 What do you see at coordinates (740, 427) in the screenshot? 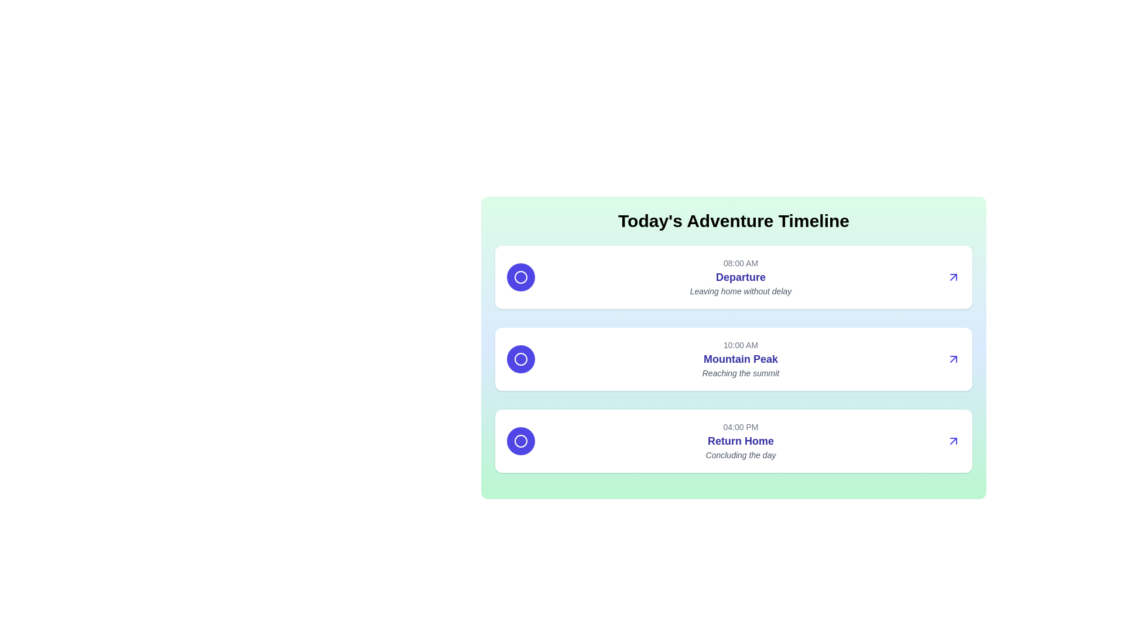
I see `time displayed in the text component showing '04:00 PM', which is located at the top of the event item in the timeline layout` at bounding box center [740, 427].